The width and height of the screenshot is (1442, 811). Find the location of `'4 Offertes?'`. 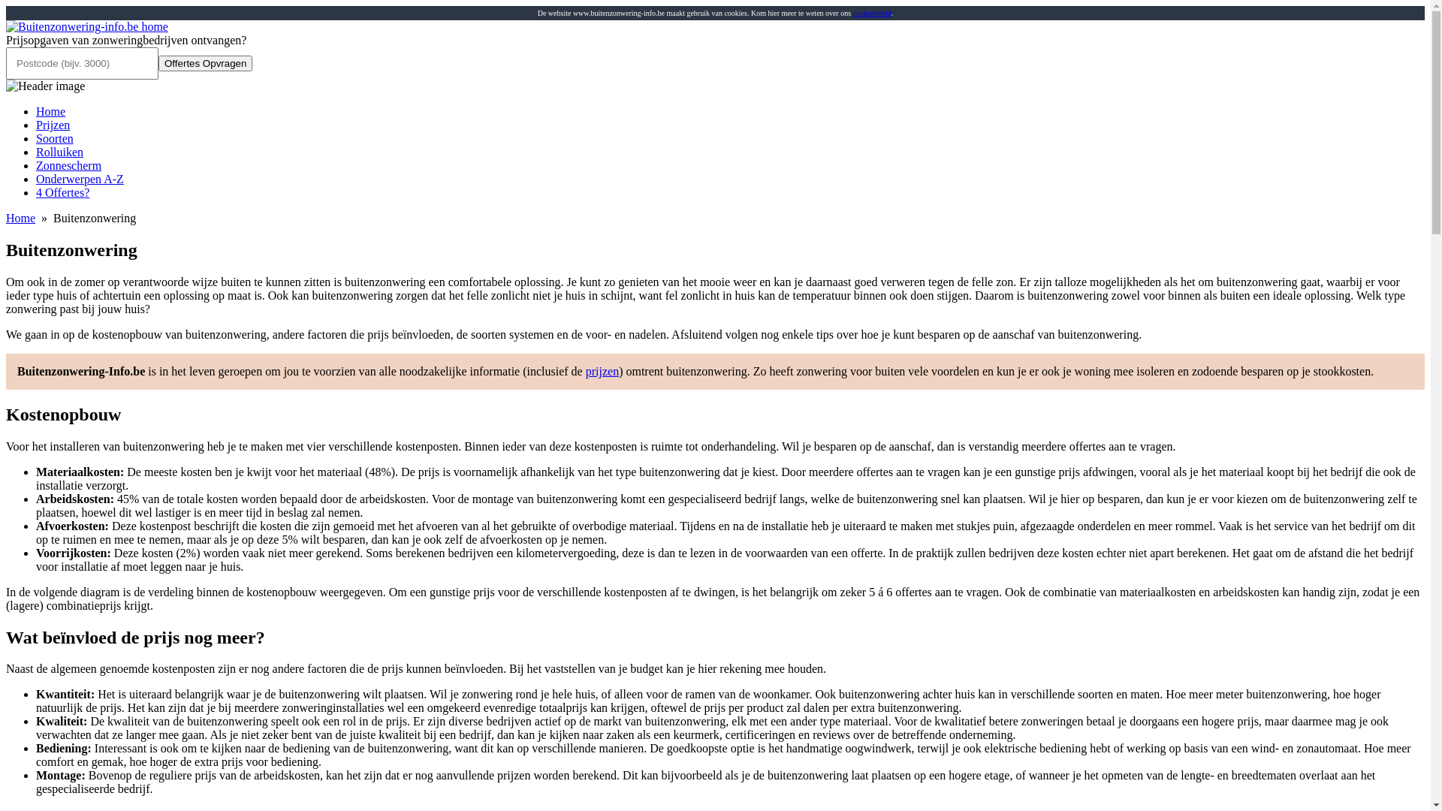

'4 Offertes?' is located at coordinates (62, 191).